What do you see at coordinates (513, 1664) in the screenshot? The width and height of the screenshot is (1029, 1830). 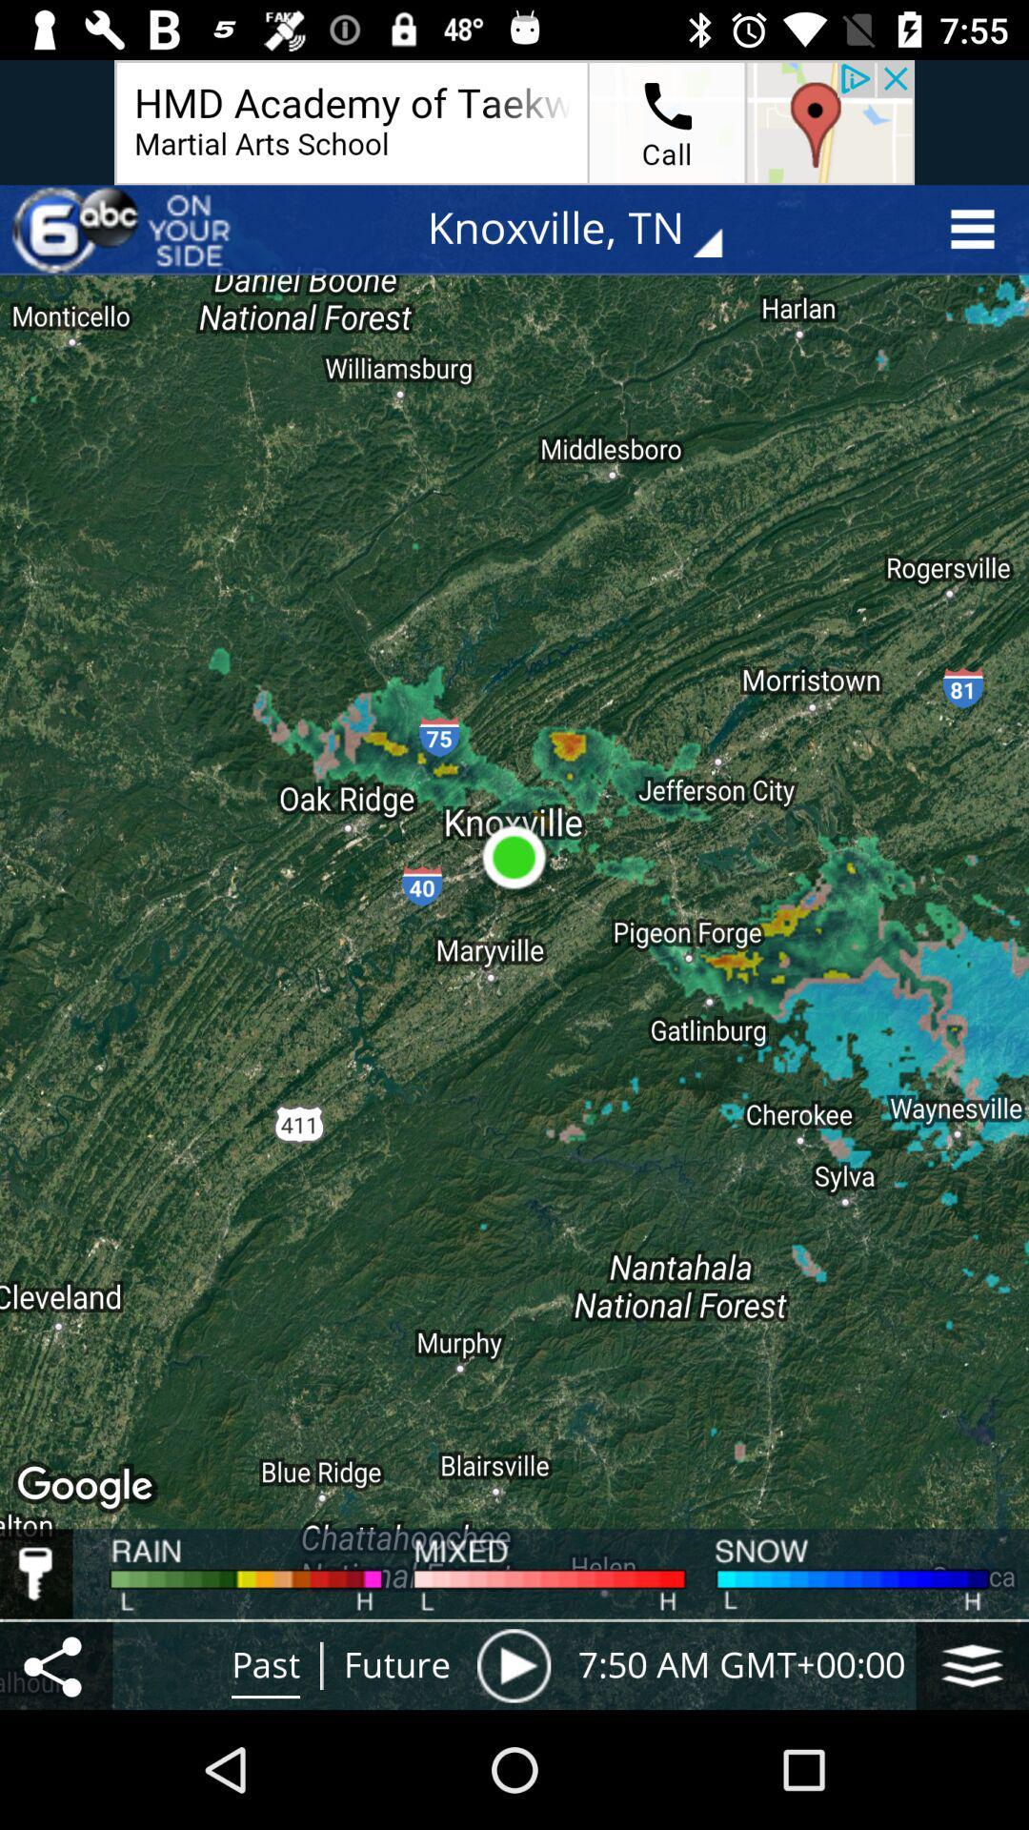 I see `the icon next to 7 50 am item` at bounding box center [513, 1664].